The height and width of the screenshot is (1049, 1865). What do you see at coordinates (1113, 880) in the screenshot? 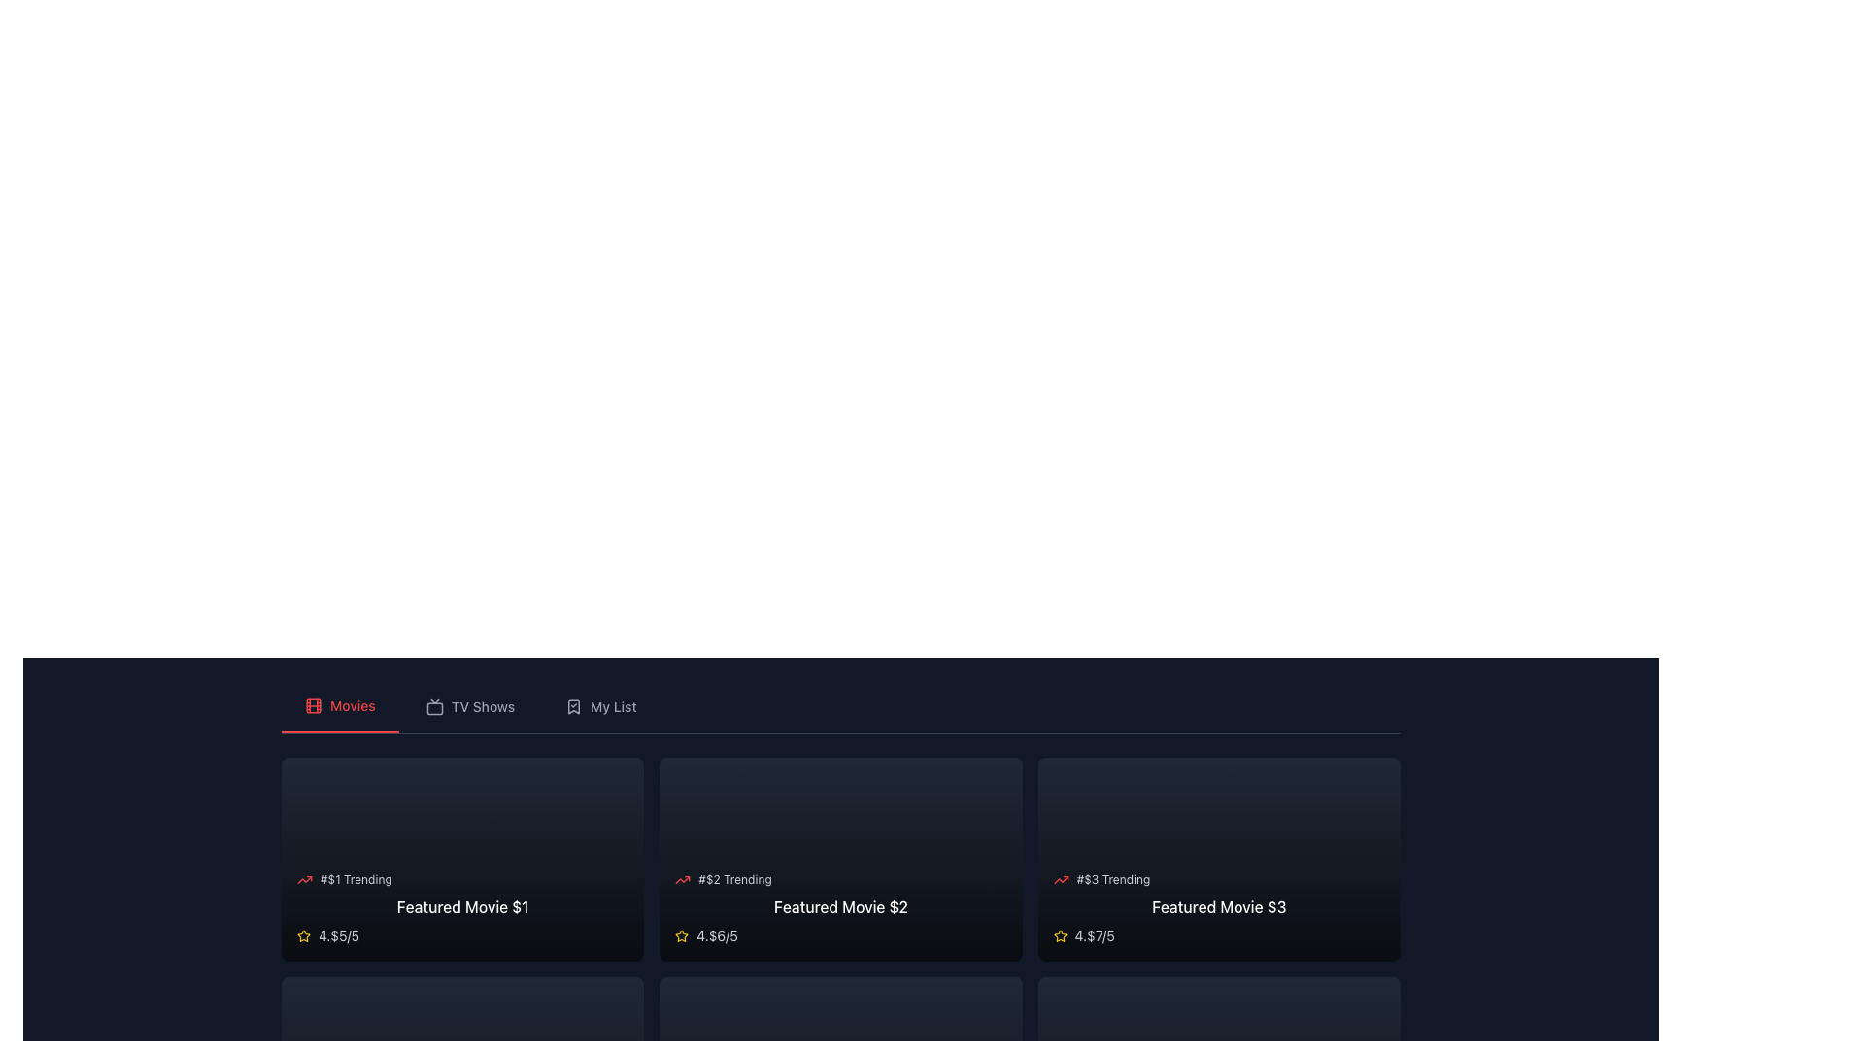
I see `the text label displaying '#$3 Trending', which is styled in gray and located next to a red trending icon within the card for 'Featured Movie $3'` at bounding box center [1113, 880].